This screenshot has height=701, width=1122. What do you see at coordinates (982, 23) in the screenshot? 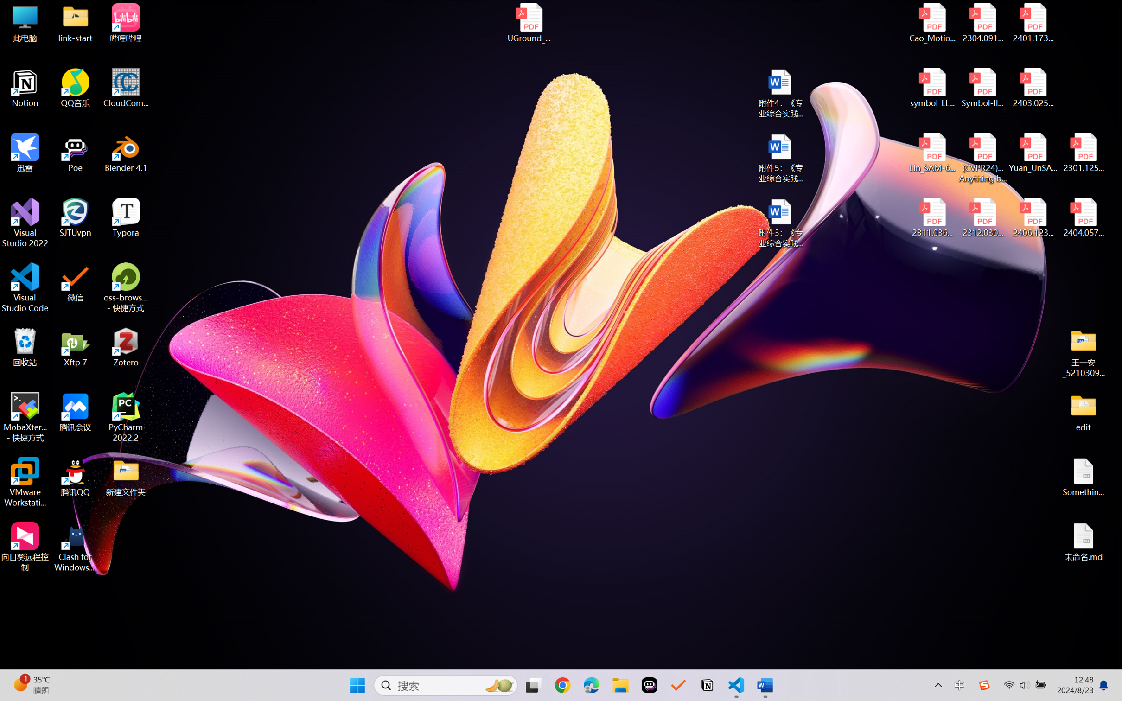
I see `'2304.09121v3.pdf'` at bounding box center [982, 23].